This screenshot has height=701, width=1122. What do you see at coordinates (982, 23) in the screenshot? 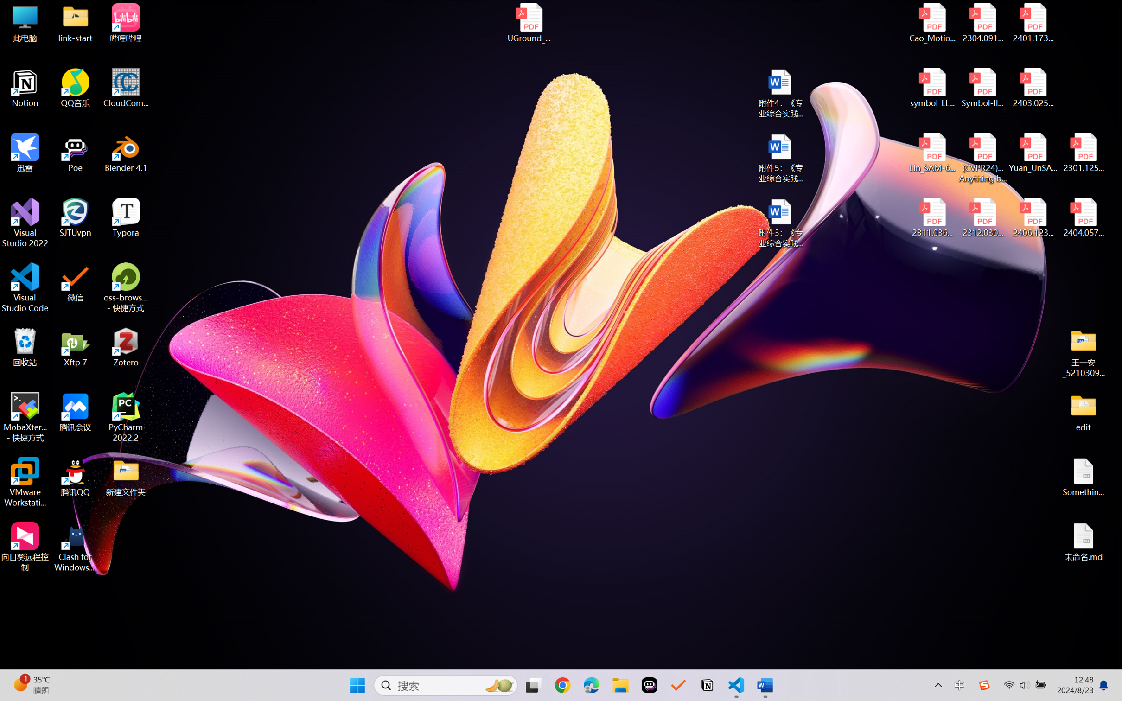
I see `'2304.09121v3.pdf'` at bounding box center [982, 23].